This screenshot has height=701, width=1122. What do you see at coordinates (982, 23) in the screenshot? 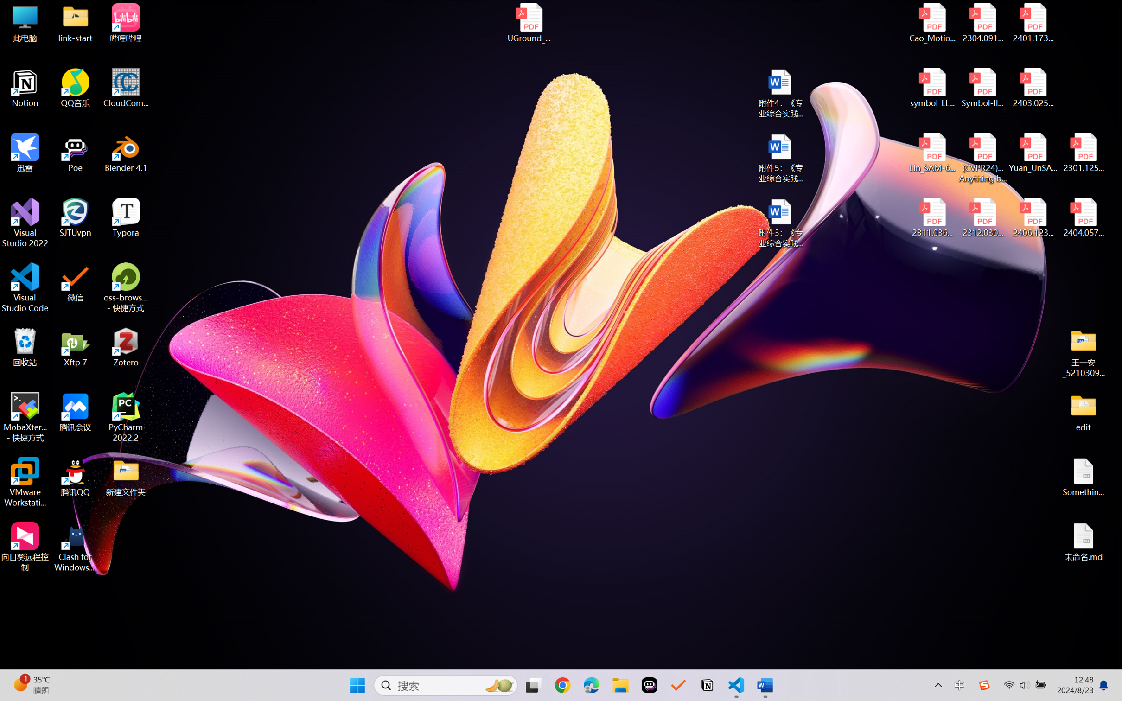
I see `'2304.09121v3.pdf'` at bounding box center [982, 23].